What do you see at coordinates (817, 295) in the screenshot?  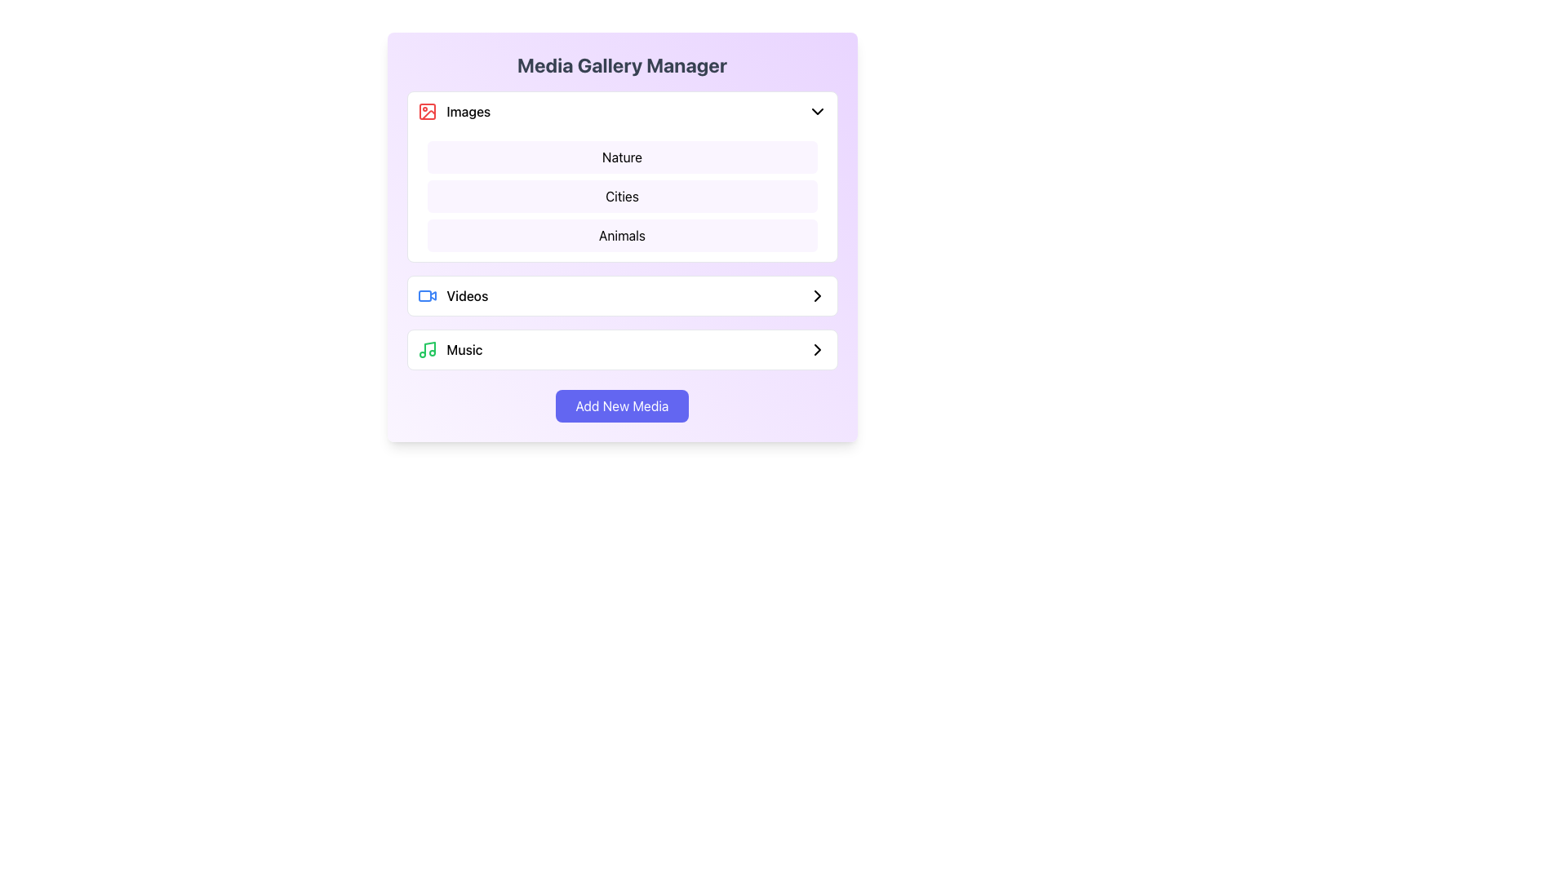 I see `the indicator icon next to the 'Music' option to receive a tooltip` at bounding box center [817, 295].